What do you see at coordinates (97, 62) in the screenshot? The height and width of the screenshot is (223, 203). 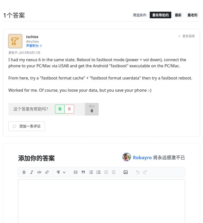 I see `'I had my nexus 6 in the same state. Reboot to fastboot mode (power + vol down), connect the phone to your PC/Mac via USAB and get the Android "fastboot" executable on the PC/Mac.'` at bounding box center [97, 62].